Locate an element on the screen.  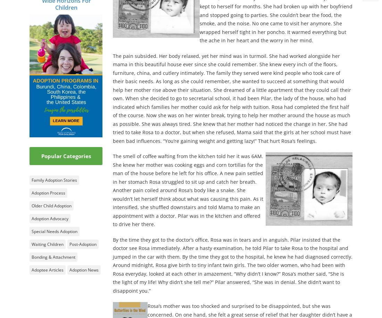
'Adoptee Articles' is located at coordinates (47, 269).